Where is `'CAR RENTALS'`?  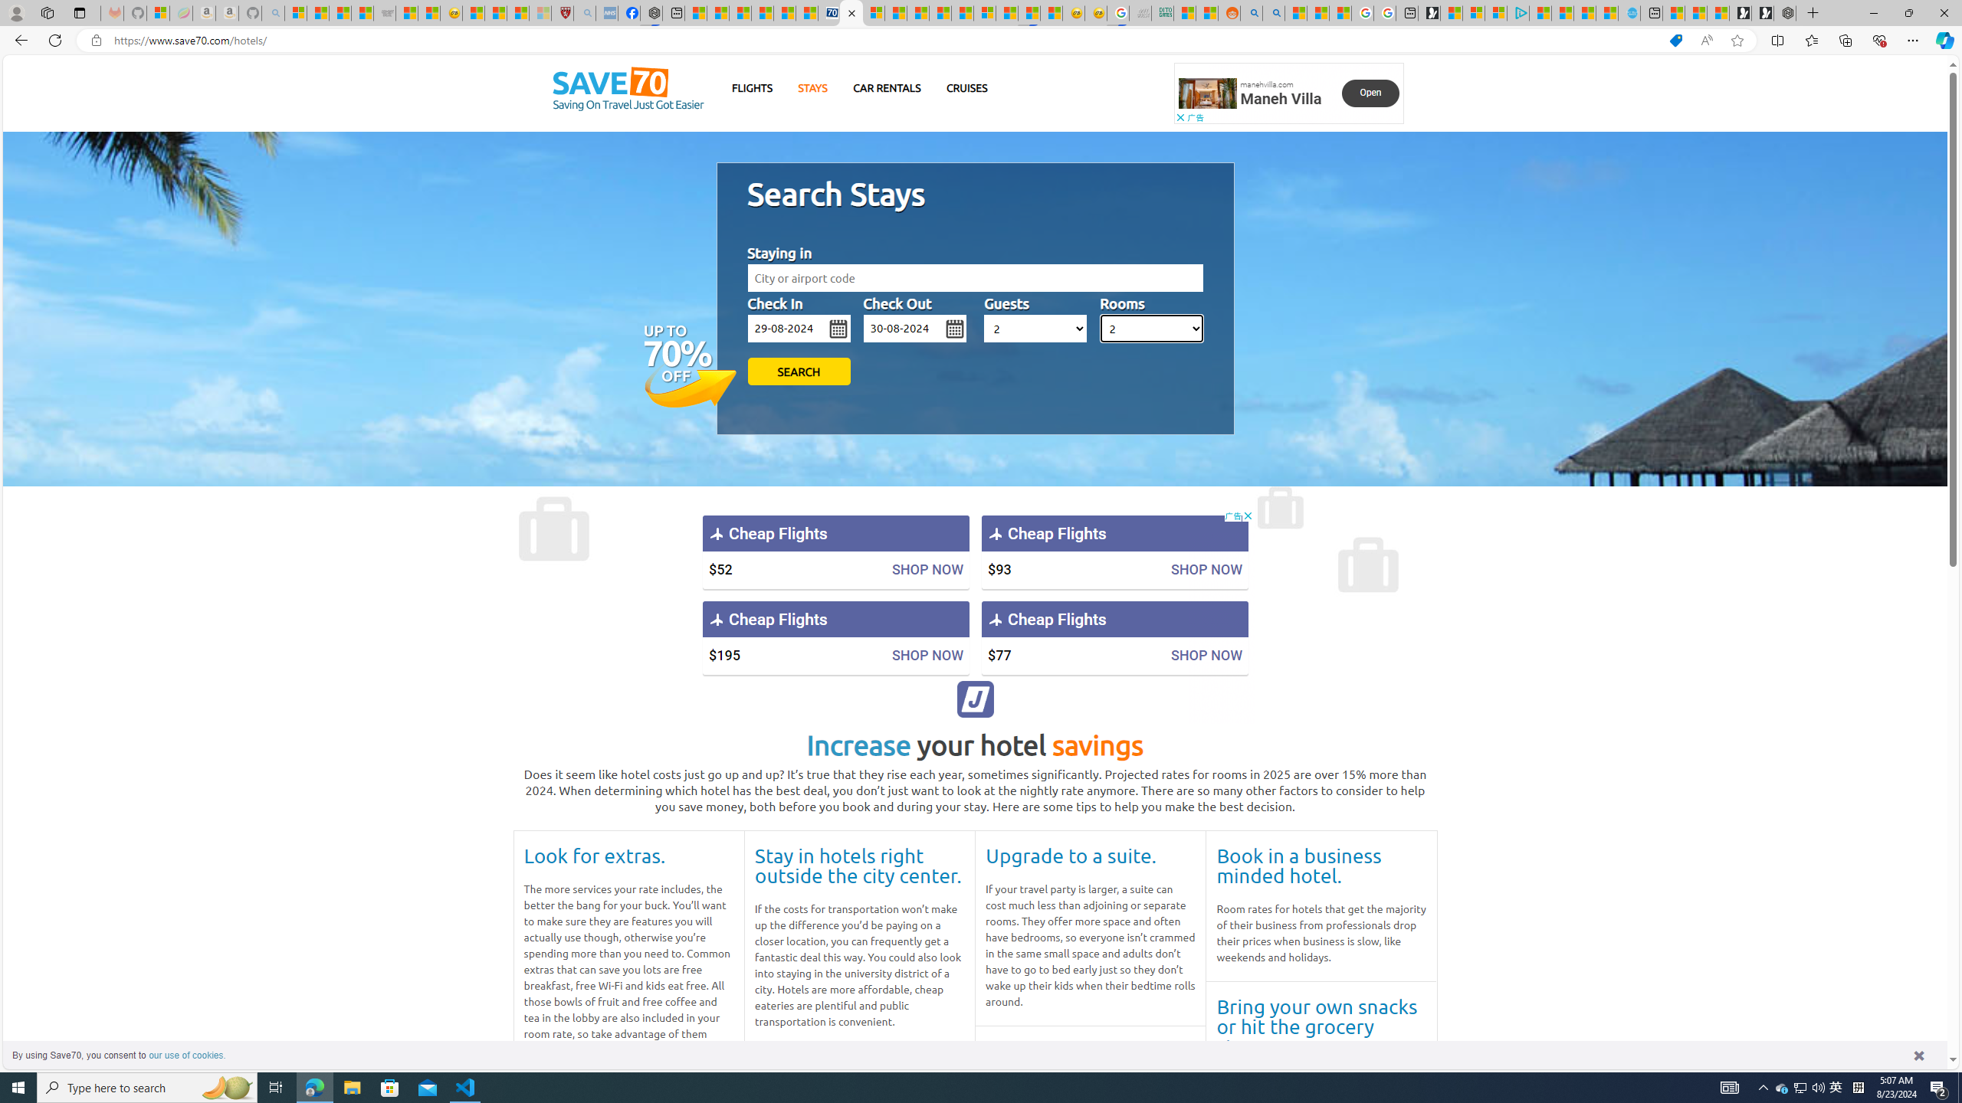
'CAR RENTALS' is located at coordinates (887, 87).